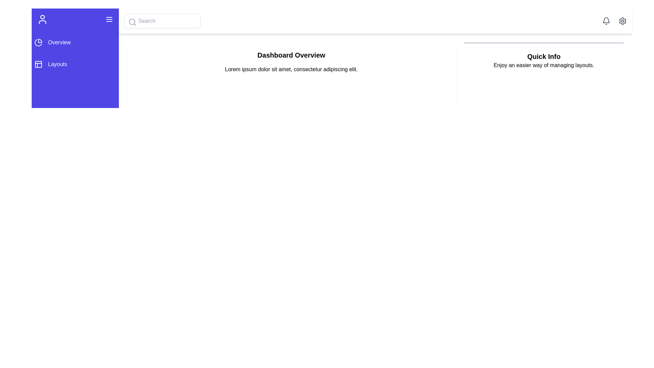 This screenshot has height=368, width=654. What do you see at coordinates (59, 42) in the screenshot?
I see `the 'Overview' text label in the left vertical menu bar` at bounding box center [59, 42].